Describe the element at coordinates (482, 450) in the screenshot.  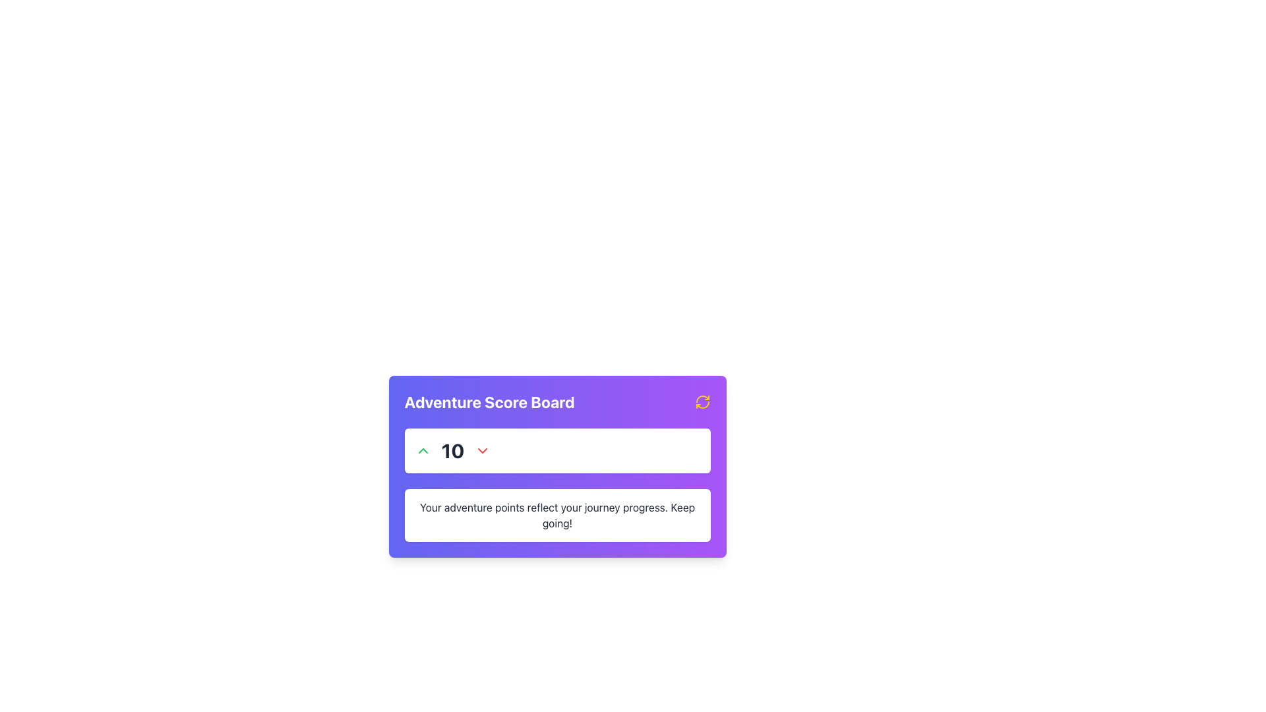
I see `the downward-pointing red chevron arrow icon located to the right of the bold number '10' for additional interaction` at that location.